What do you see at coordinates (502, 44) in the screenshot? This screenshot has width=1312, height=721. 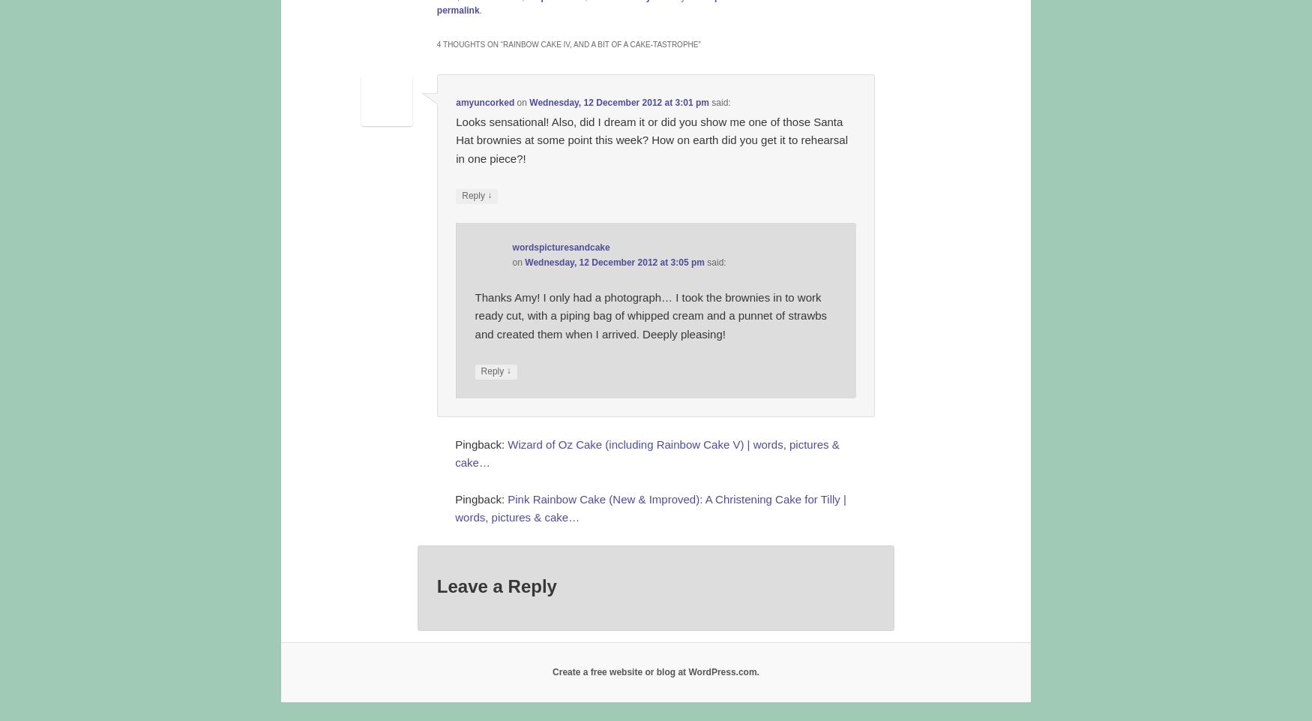 I see `'Rainbow Cake IV, and a bit of a cake-tastrophe'` at bounding box center [502, 44].